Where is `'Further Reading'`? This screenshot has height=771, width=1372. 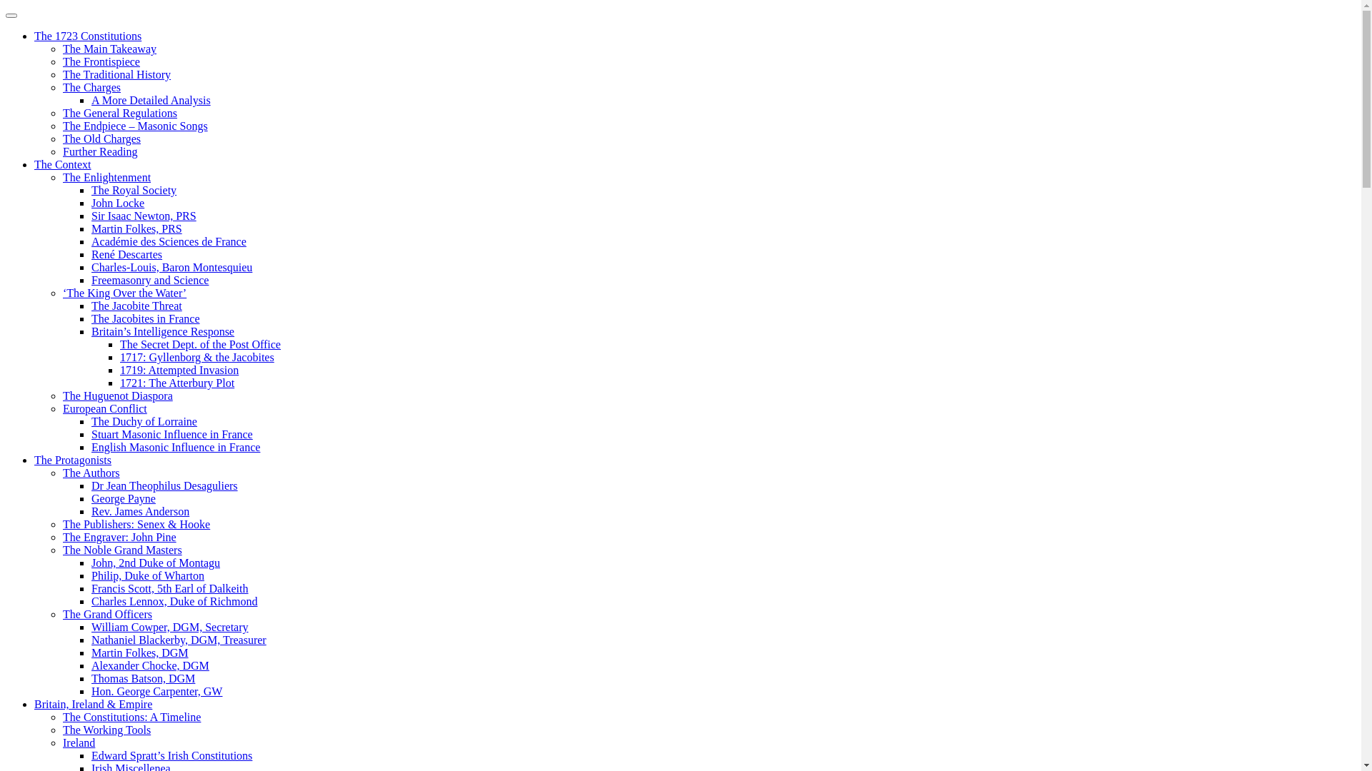
'Further Reading' is located at coordinates (61, 151).